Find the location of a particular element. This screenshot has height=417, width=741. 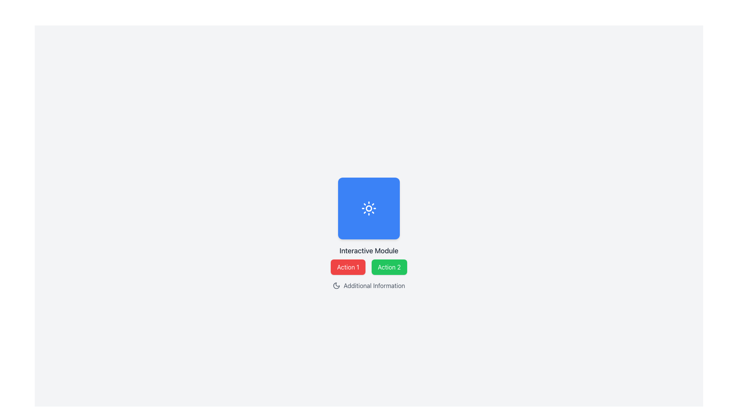

the Text Label that is positioned directly below the central blue square component, which serves as a descriptor for that component is located at coordinates (368, 251).